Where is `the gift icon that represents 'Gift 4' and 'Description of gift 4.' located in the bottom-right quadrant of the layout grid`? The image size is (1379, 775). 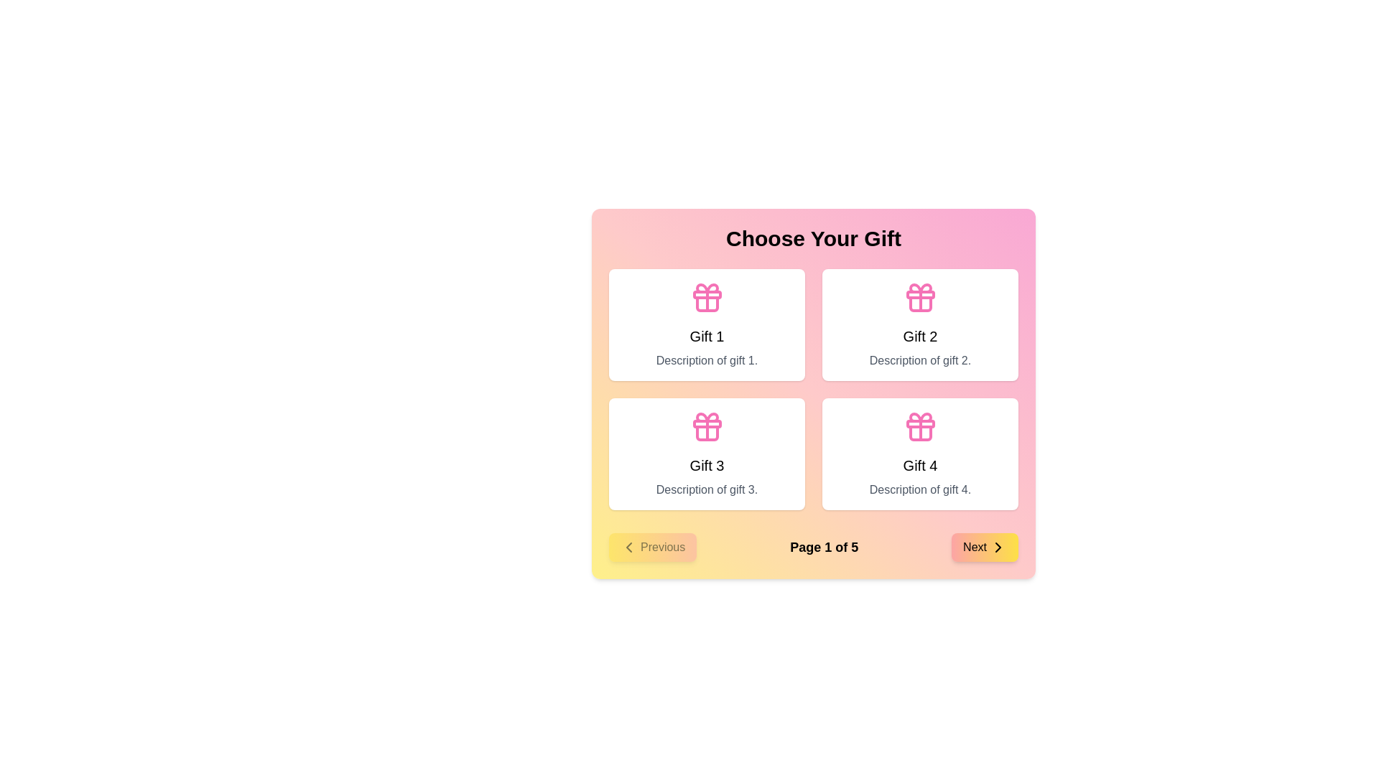
the gift icon that represents 'Gift 4' and 'Description of gift 4.' located in the bottom-right quadrant of the layout grid is located at coordinates (920, 426).